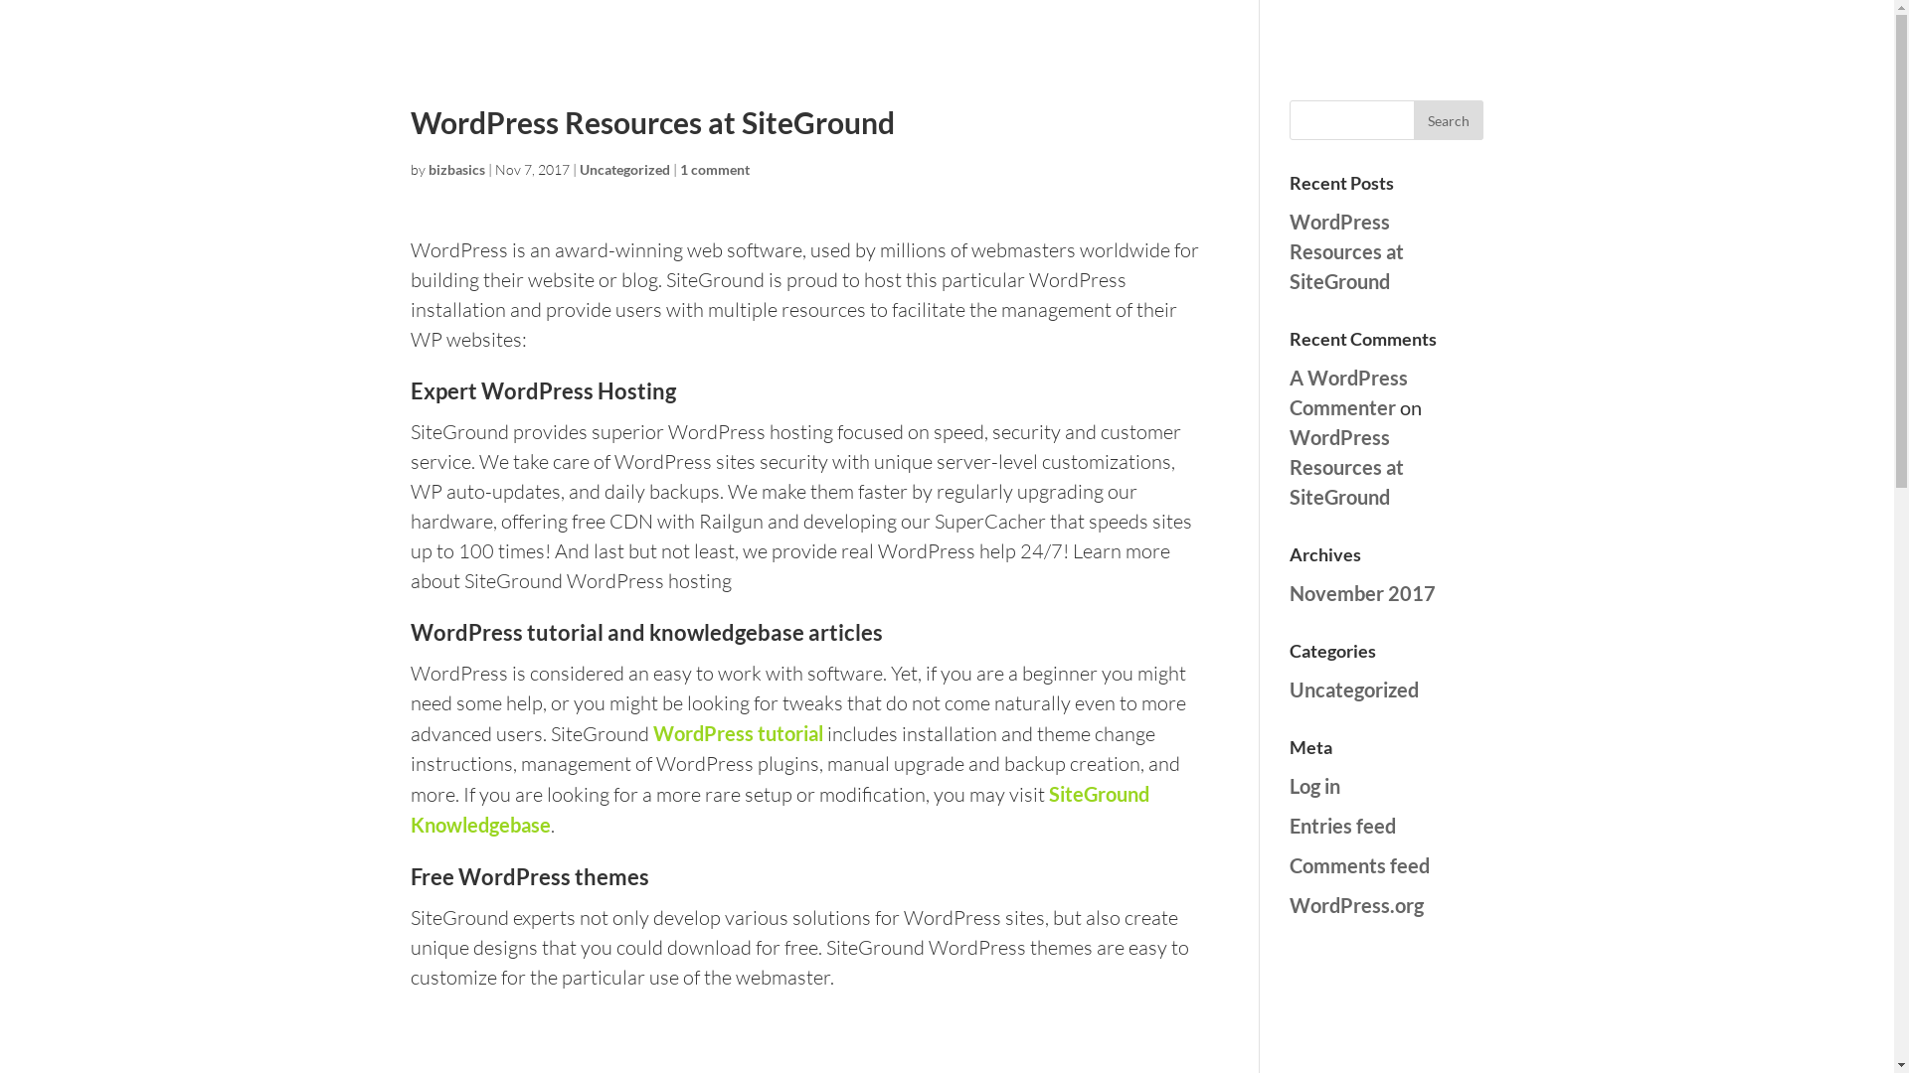 The height and width of the screenshot is (1073, 1909). I want to click on 'Uncategorized', so click(1289, 689).